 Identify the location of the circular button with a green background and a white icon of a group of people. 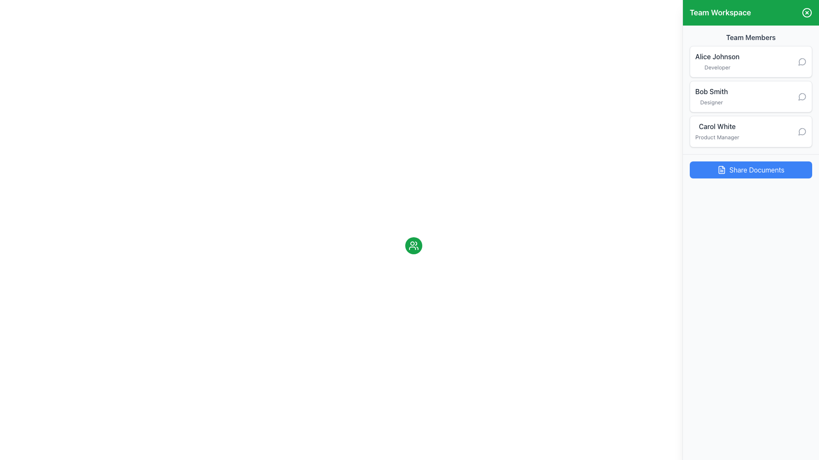
(413, 246).